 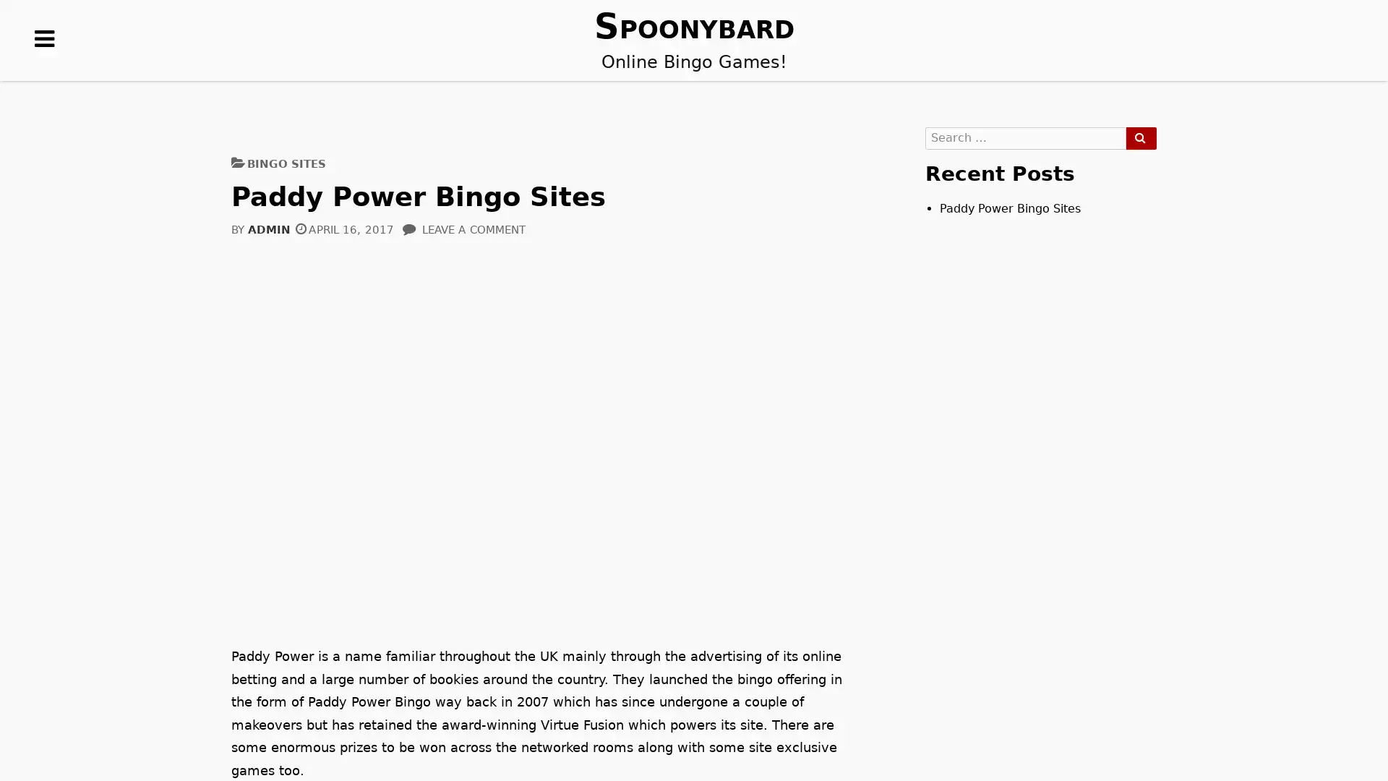 I want to click on SEARCH, so click(x=1140, y=138).